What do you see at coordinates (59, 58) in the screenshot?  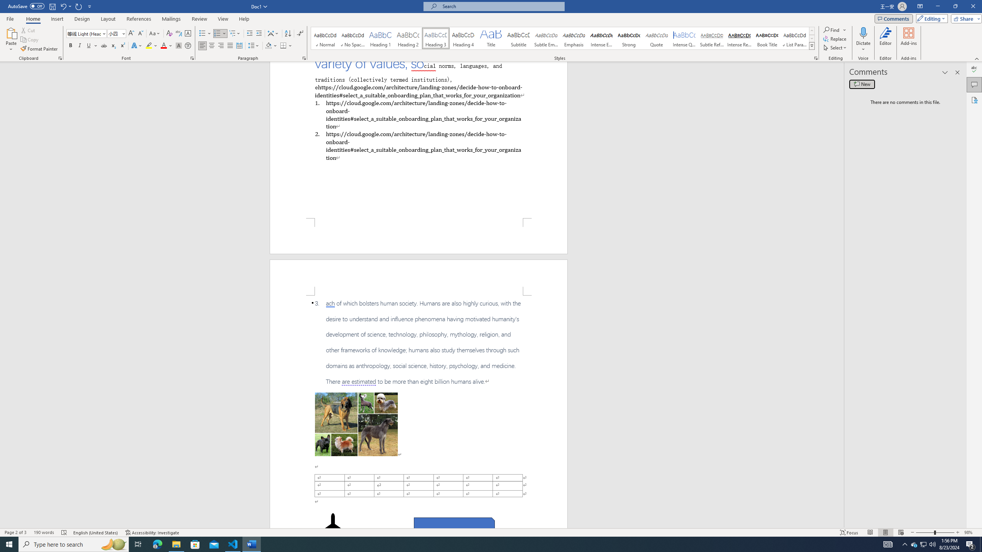 I see `'Office Clipboard...'` at bounding box center [59, 58].